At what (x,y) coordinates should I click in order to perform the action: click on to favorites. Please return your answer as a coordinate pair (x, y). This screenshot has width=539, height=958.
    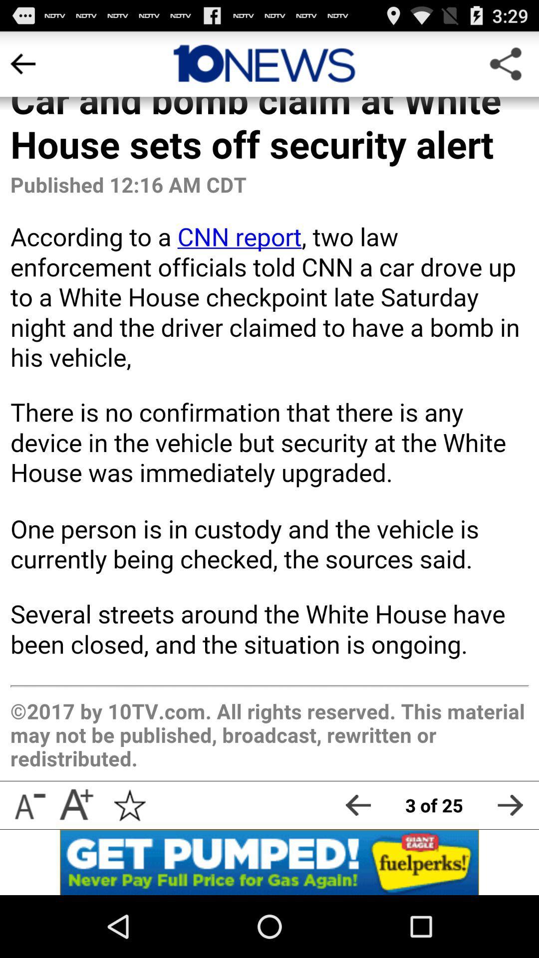
    Looking at the image, I should click on (129, 805).